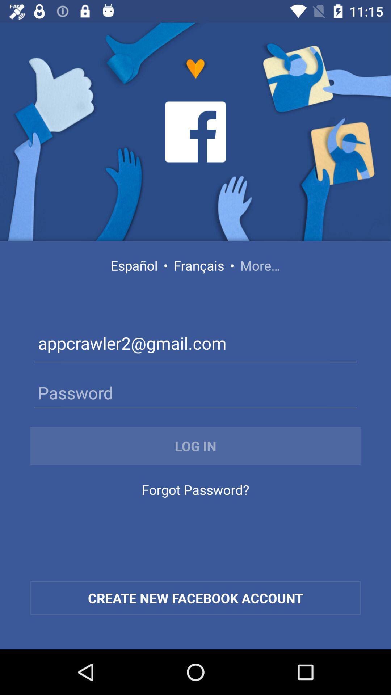  Describe the element at coordinates (195, 344) in the screenshot. I see `the appcrawler2@gmail.com icon` at that location.